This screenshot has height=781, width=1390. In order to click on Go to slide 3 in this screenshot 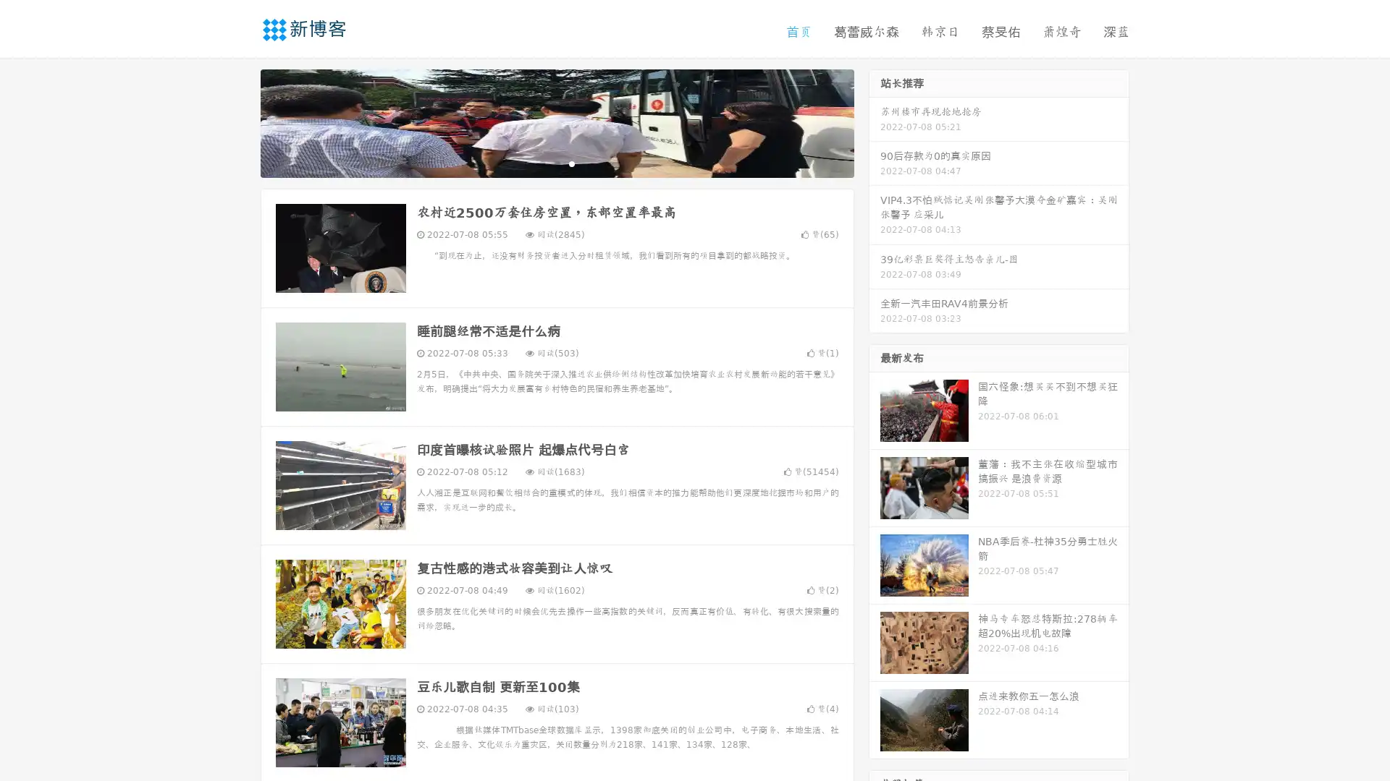, I will do `click(571, 163)`.